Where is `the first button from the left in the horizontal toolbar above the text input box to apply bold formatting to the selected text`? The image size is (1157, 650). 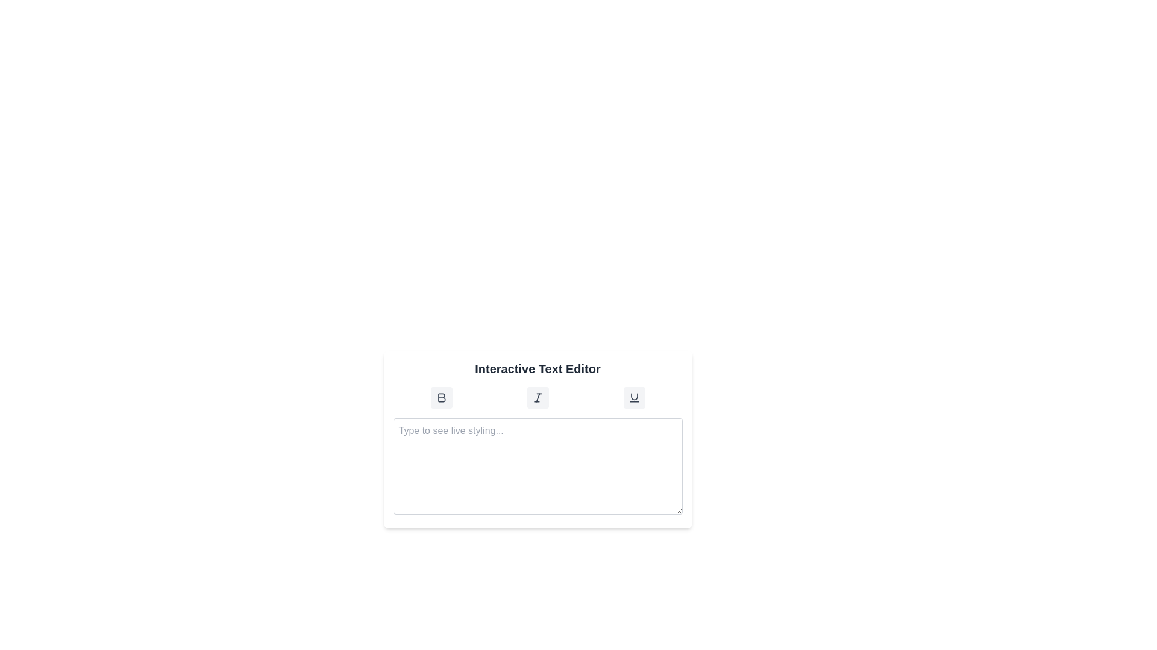
the first button from the left in the horizontal toolbar above the text input box to apply bold formatting to the selected text is located at coordinates (441, 397).